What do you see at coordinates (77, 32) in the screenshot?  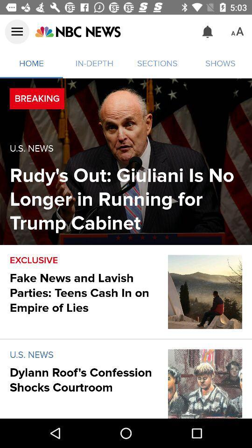 I see `the icon above home icon` at bounding box center [77, 32].